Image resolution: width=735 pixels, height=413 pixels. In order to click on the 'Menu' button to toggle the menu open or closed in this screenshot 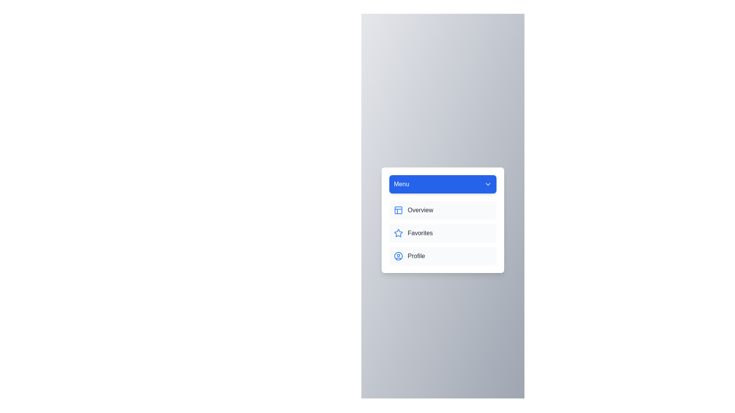, I will do `click(443, 184)`.